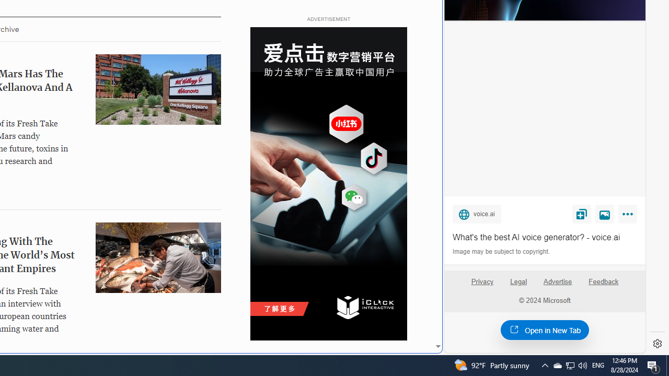 Image resolution: width=669 pixels, height=376 pixels. What do you see at coordinates (581, 213) in the screenshot?
I see `'Save'` at bounding box center [581, 213].